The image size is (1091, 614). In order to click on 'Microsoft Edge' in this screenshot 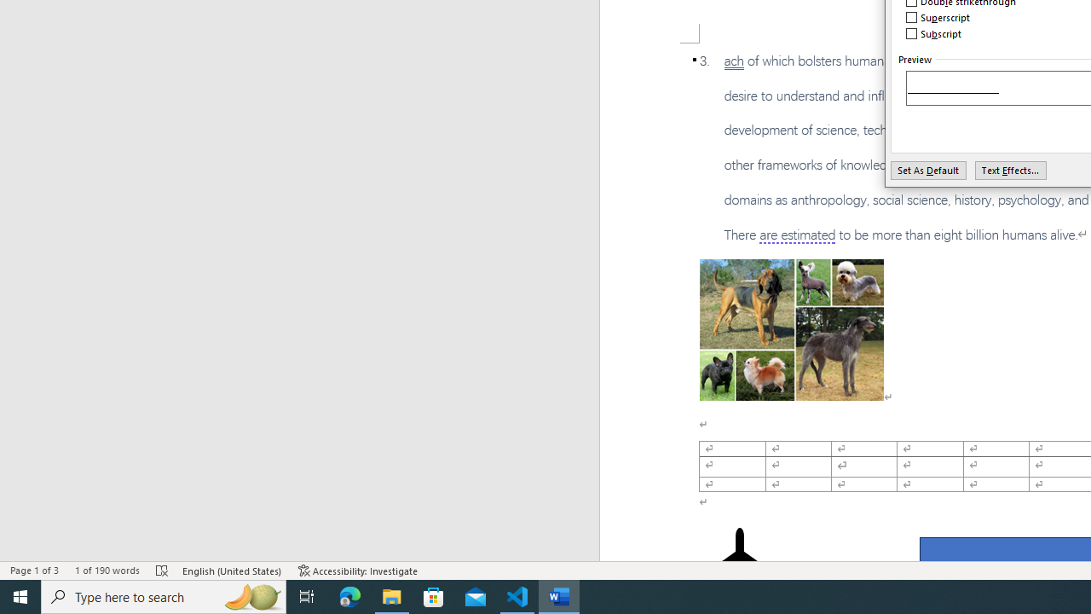, I will do `click(349, 595)`.